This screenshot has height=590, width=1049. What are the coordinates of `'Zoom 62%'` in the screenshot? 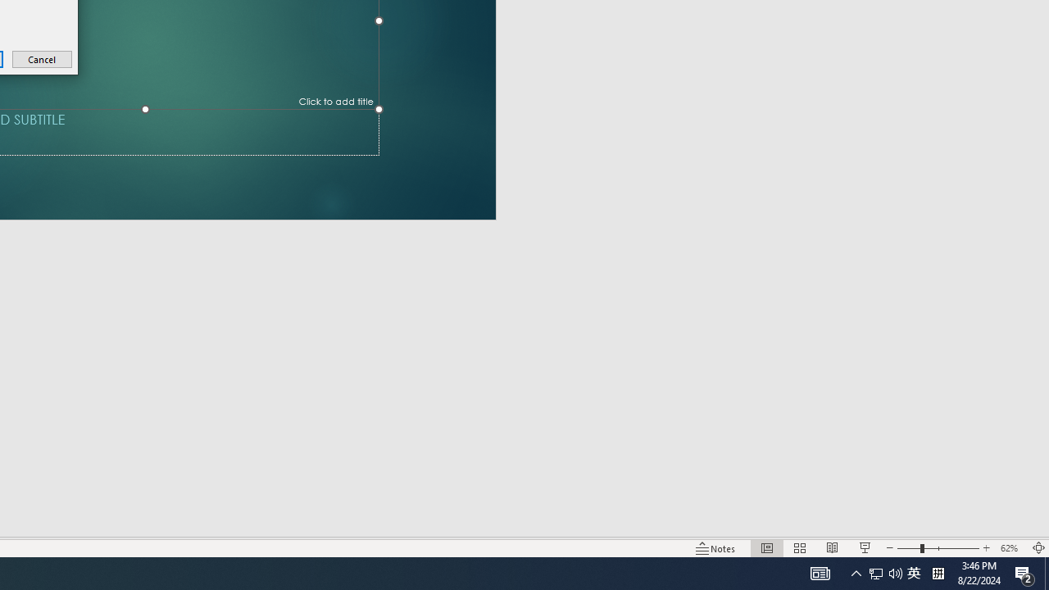 It's located at (1010, 548).